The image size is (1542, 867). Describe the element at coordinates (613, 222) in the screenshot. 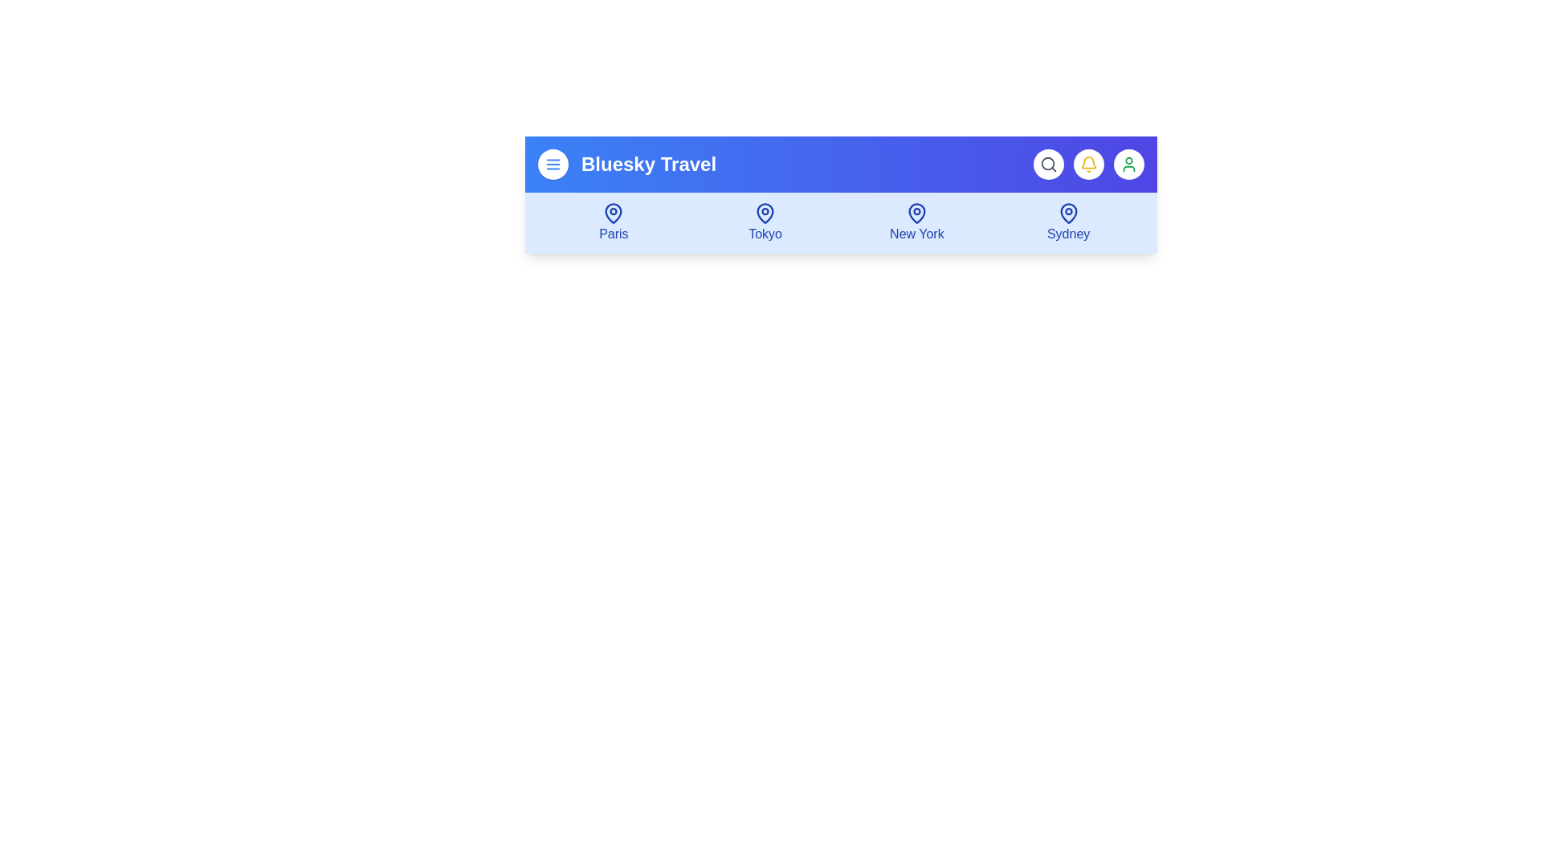

I see `the destination icon for Paris` at that location.